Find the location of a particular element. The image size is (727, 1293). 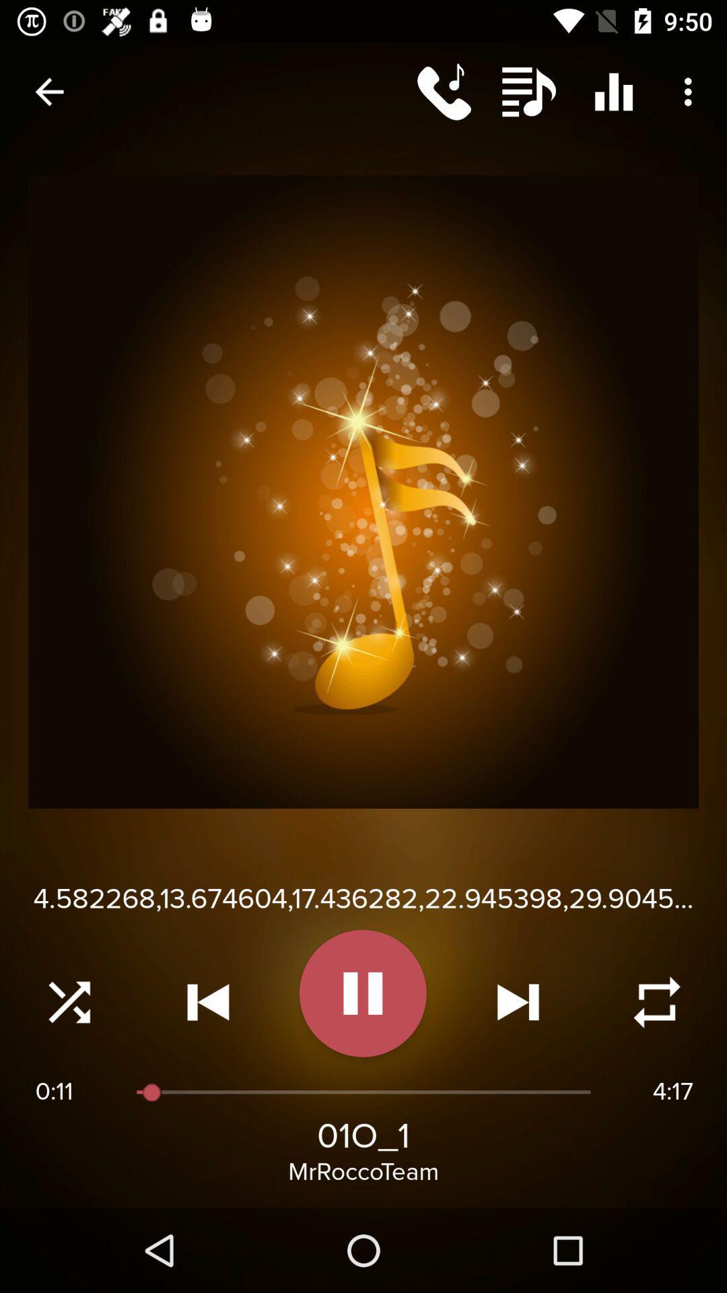

continues replay is located at coordinates (656, 1002).